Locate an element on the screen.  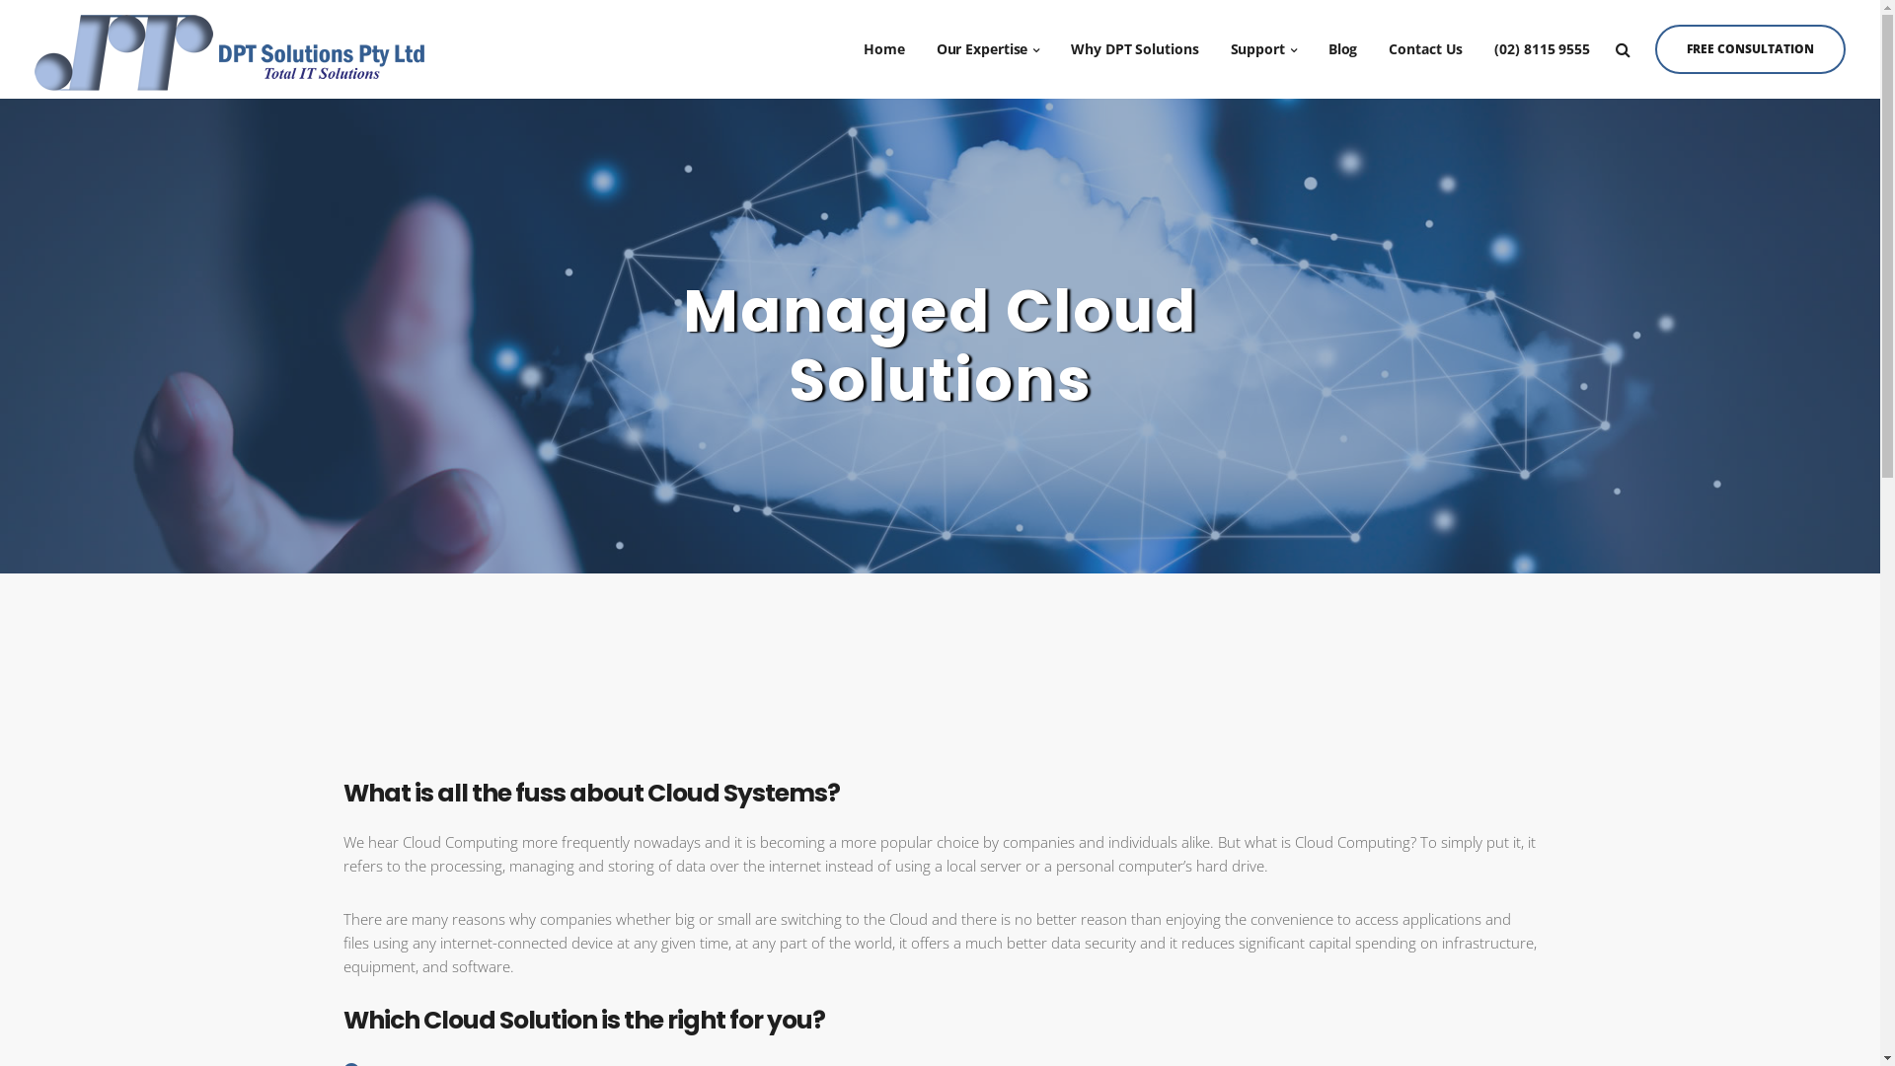
'Support' is located at coordinates (1213, 48).